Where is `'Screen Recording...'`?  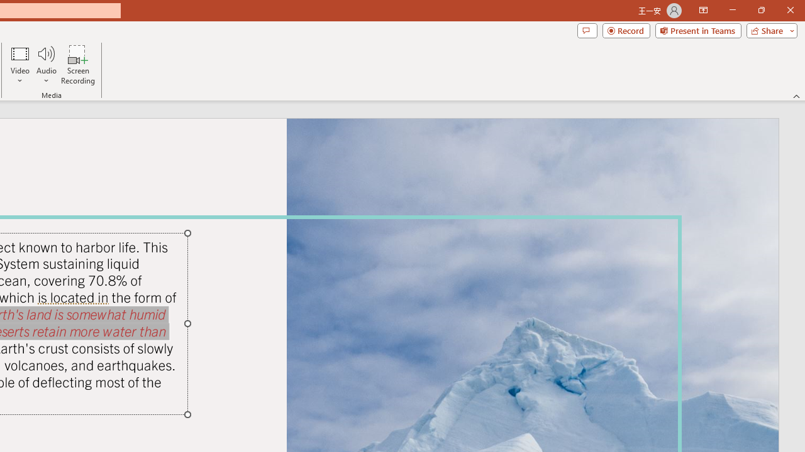 'Screen Recording...' is located at coordinates (77, 65).